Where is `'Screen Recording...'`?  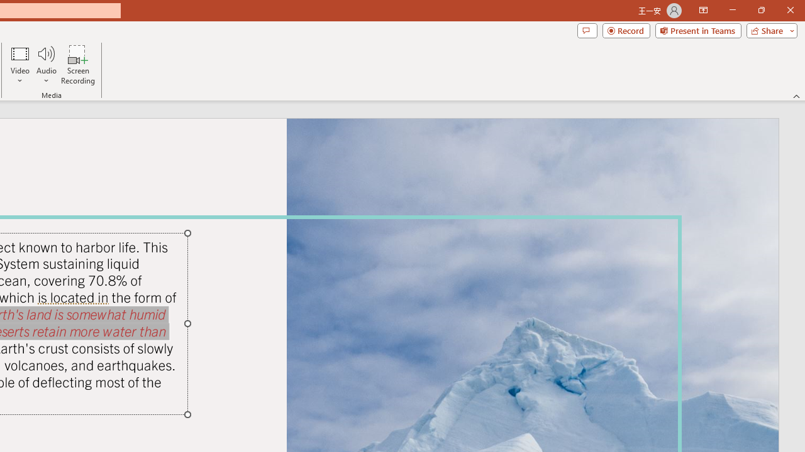 'Screen Recording...' is located at coordinates (77, 65).